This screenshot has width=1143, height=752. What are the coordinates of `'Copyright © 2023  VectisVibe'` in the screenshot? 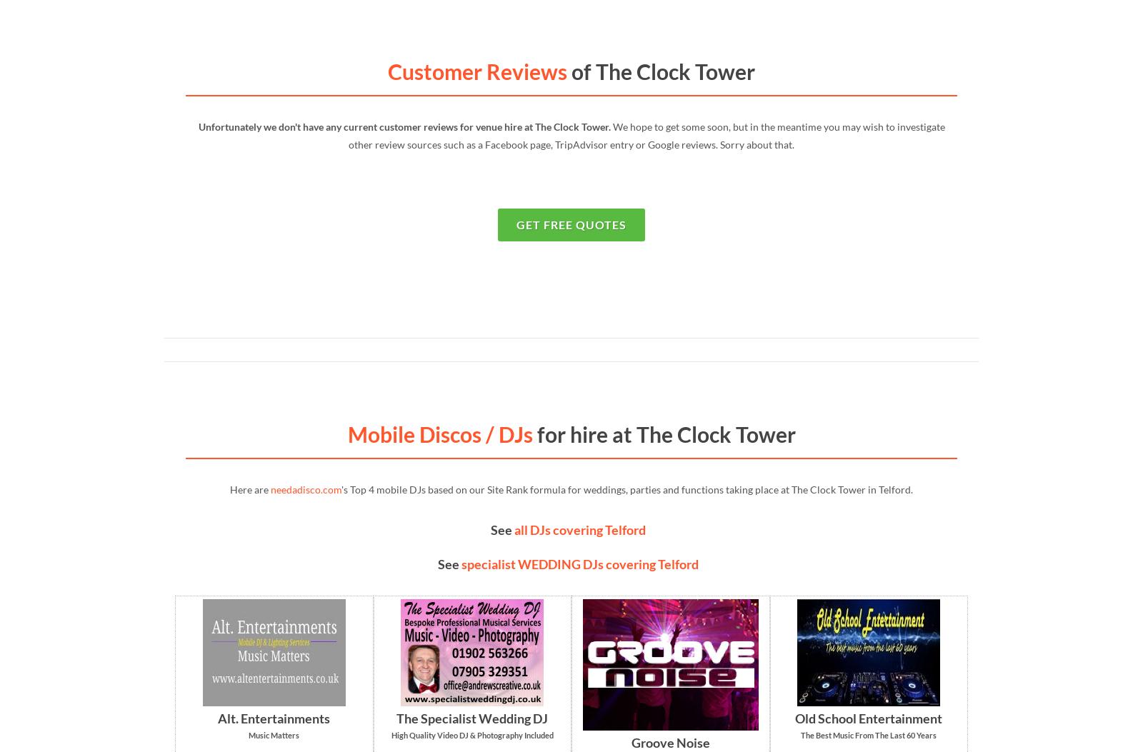 It's located at (164, 513).